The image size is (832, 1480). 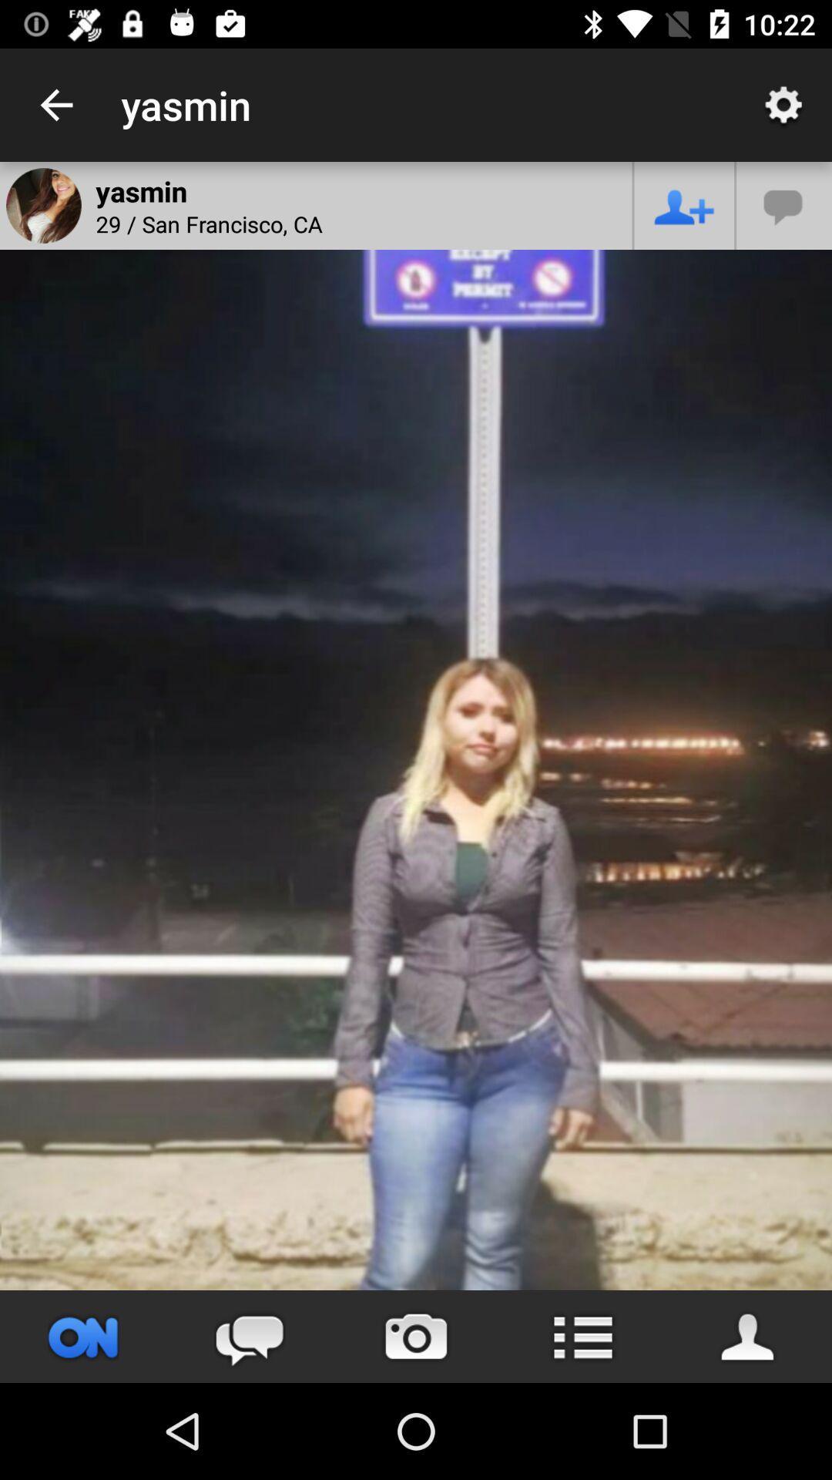 I want to click on take a picture, so click(x=416, y=1336).